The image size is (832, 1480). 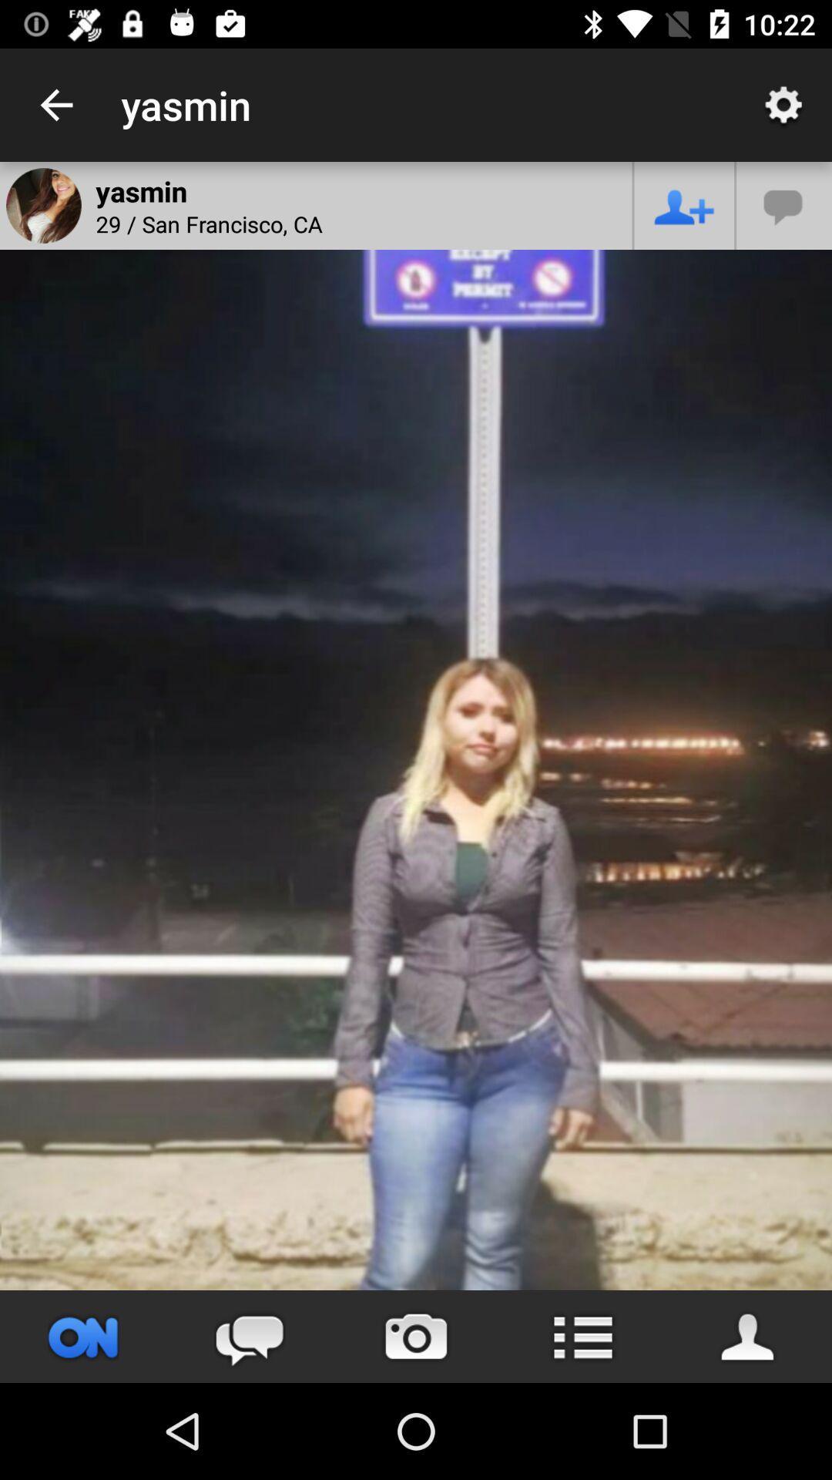 I want to click on take a picture, so click(x=416, y=1336).